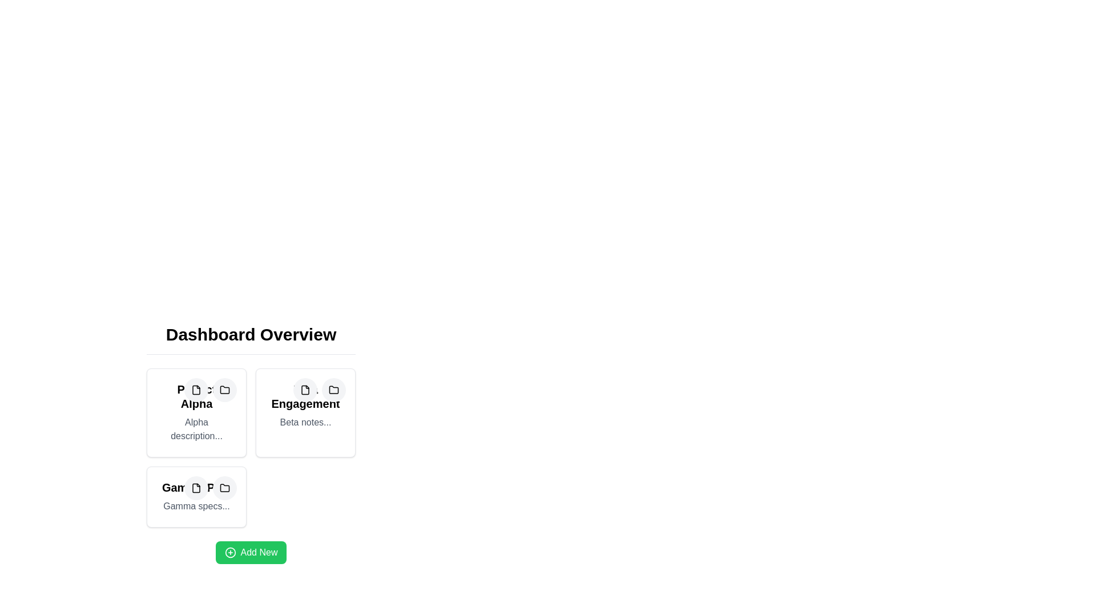 The image size is (1096, 616). I want to click on the circular button with a light gray background and a black file icon located in the top-right corner of the 'Alpha' card in the 'Dashboard Overview' area, so click(196, 389).